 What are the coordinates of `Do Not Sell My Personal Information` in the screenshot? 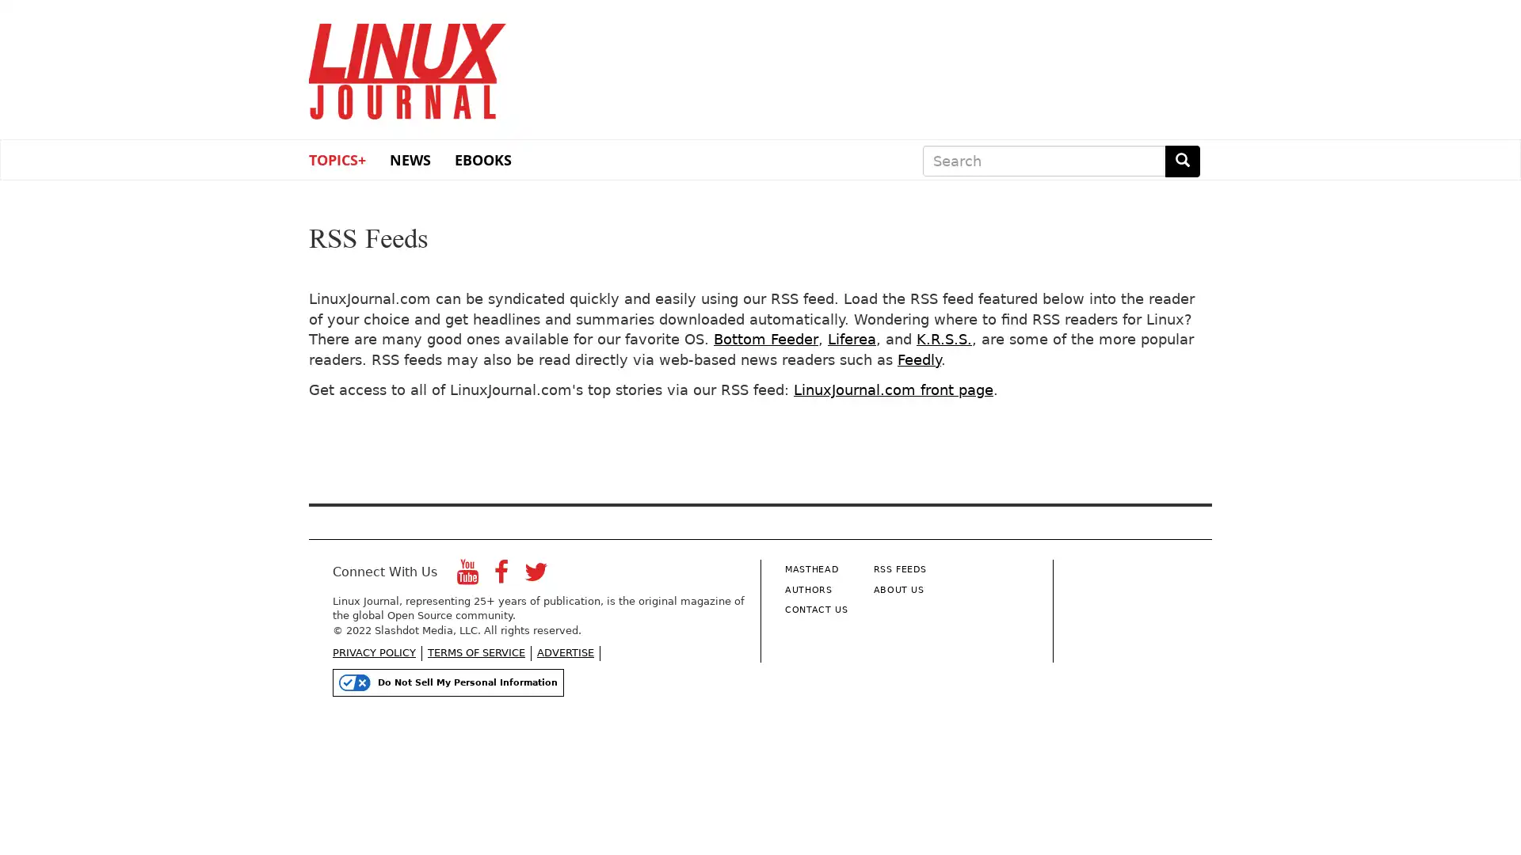 It's located at (448, 681).